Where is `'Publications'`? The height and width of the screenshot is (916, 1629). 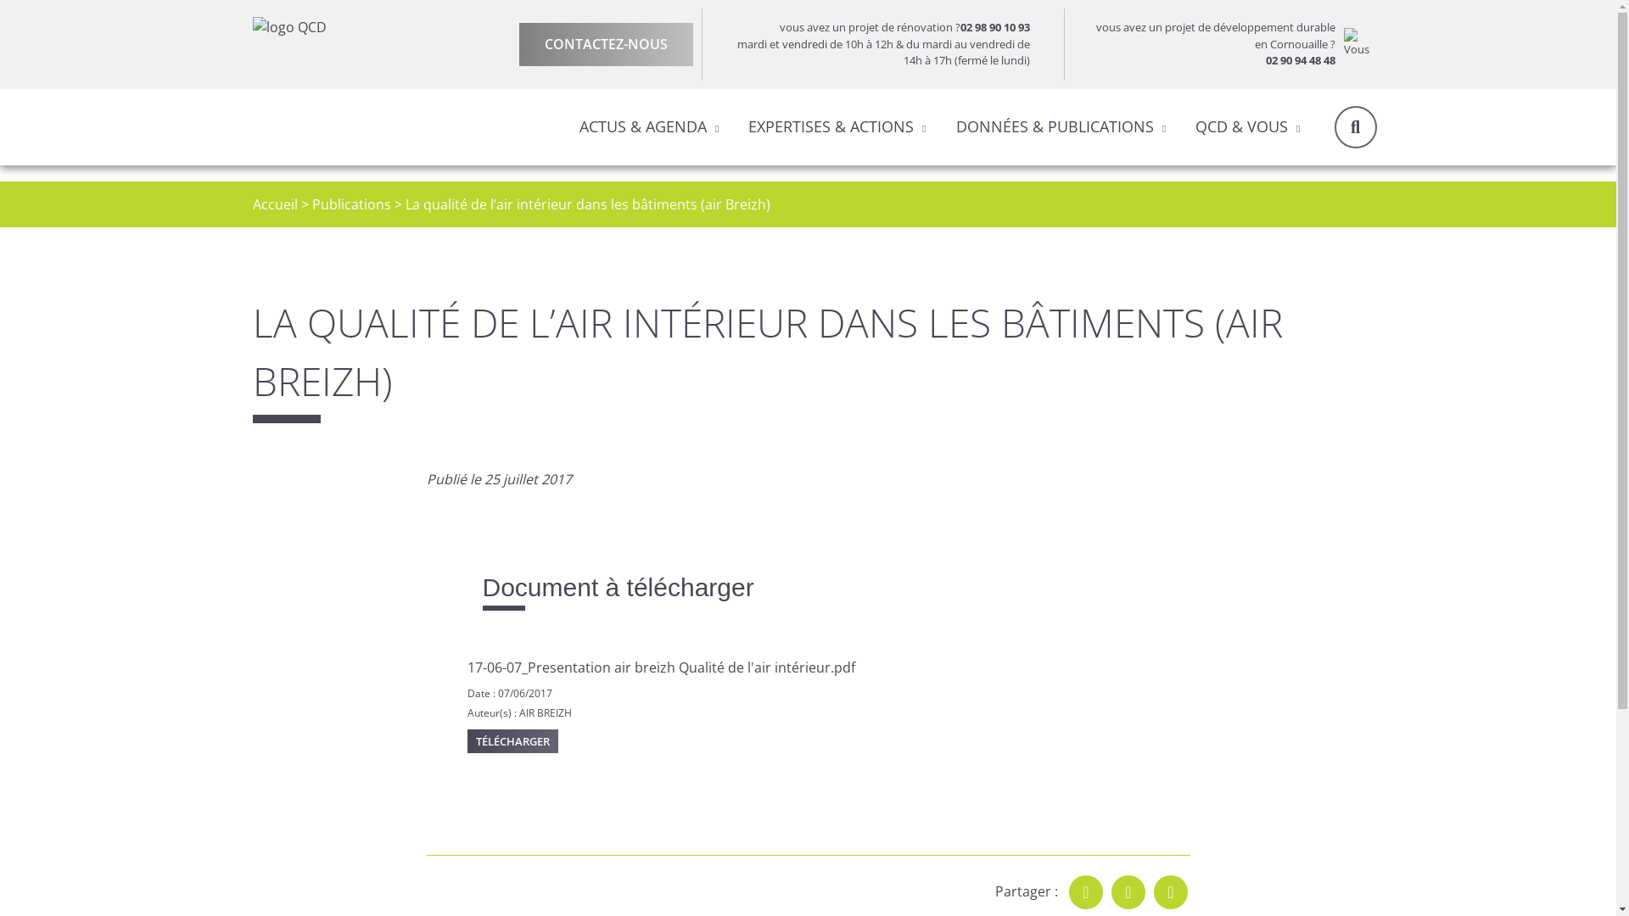 'Publications' is located at coordinates (350, 203).